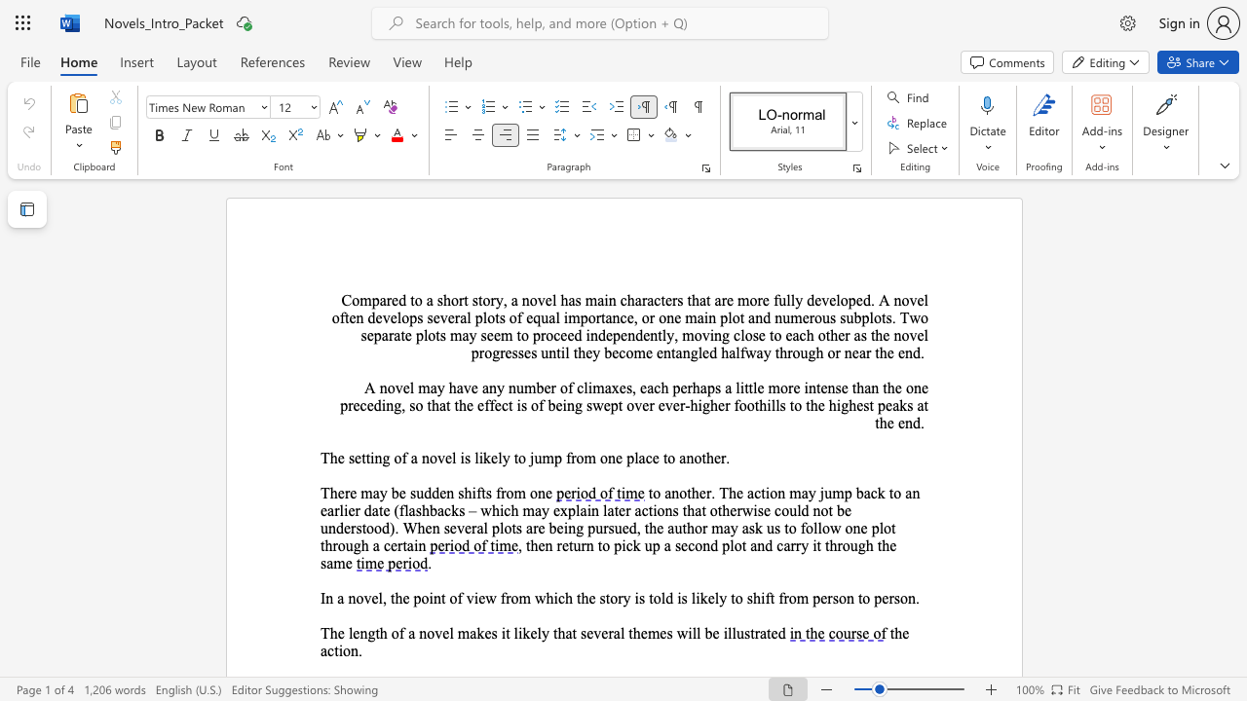 The image size is (1247, 701). What do you see at coordinates (355, 458) in the screenshot?
I see `the subset text "etting of a novel is likely to jump fr" within the text "The setting of a novel is likely to jump from one place to another."` at bounding box center [355, 458].